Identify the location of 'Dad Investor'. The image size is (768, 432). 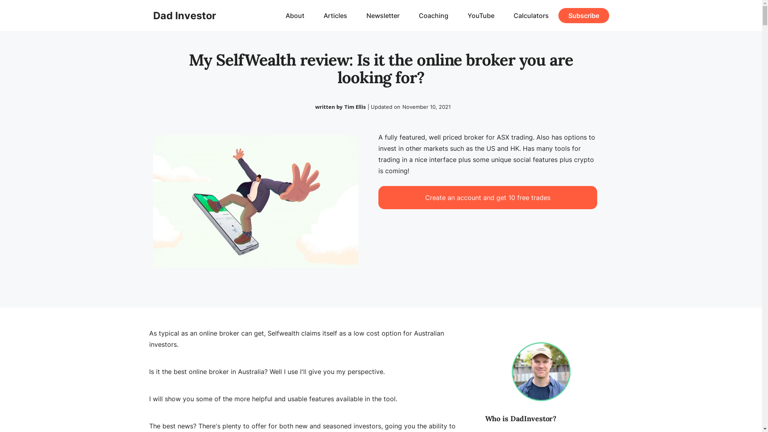
(184, 15).